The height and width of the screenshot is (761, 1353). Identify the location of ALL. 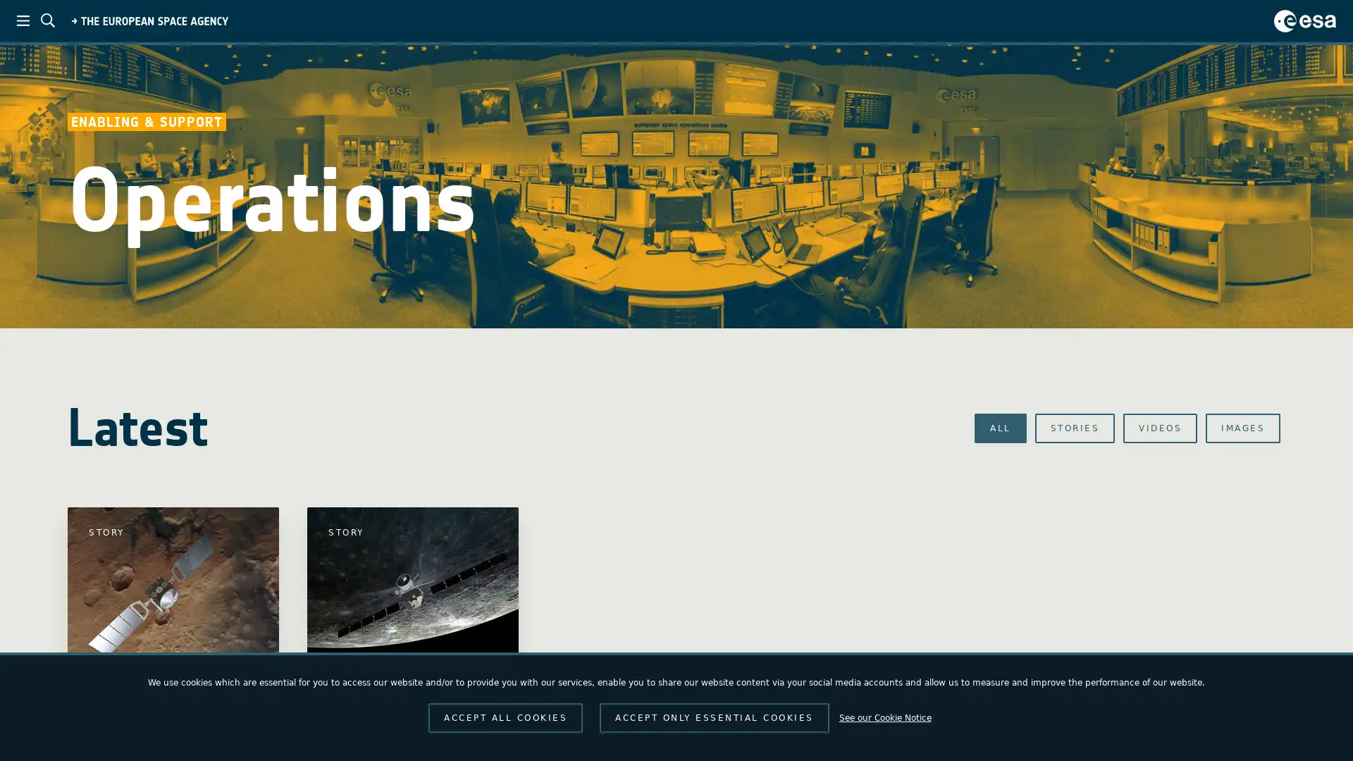
(999, 426).